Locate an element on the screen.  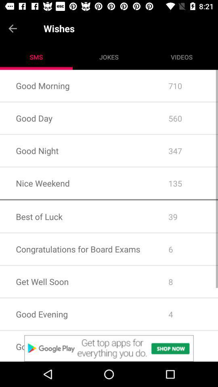
click for google is located at coordinates (109, 348).